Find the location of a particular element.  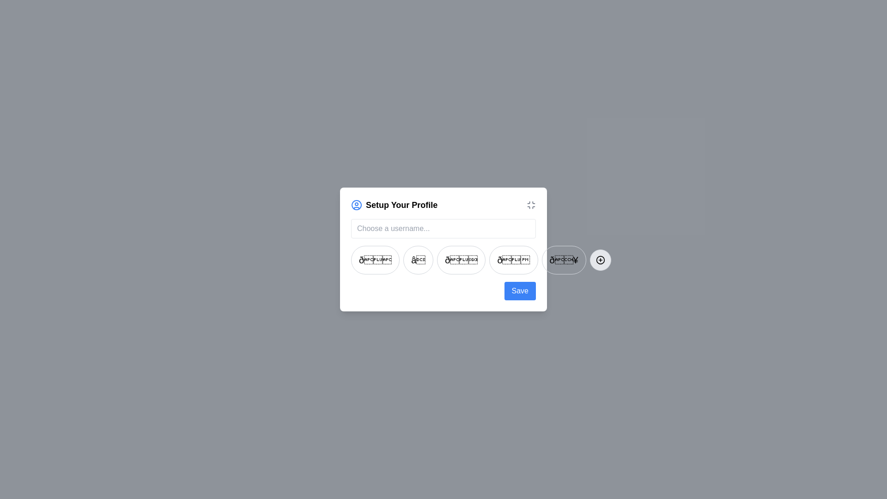

the interactive button located at the far right of a horizontal group of circle-based elements is located at coordinates (600, 260).